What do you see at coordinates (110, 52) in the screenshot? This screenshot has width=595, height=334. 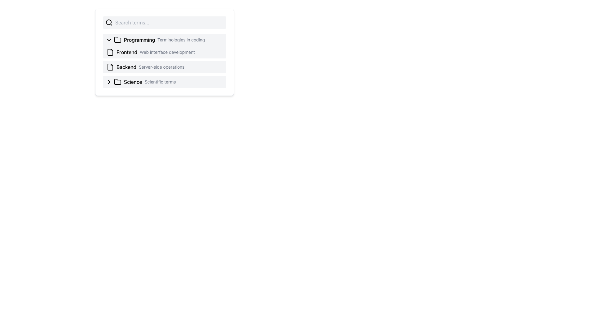 I see `the document icon located to the left of the text 'Frontend' in the second row of the main UI list to interact with it or reveal related actions` at bounding box center [110, 52].